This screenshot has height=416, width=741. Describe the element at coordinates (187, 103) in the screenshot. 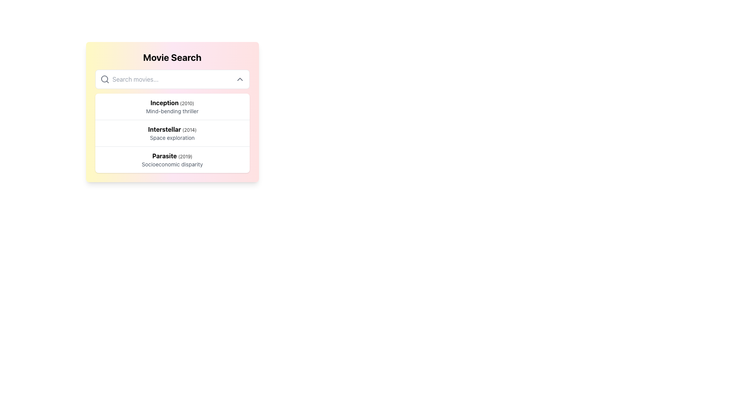

I see `the static text label displaying the year '(2010)' which is positioned to the right of the bold text 'Inception' in the first movie search result` at that location.